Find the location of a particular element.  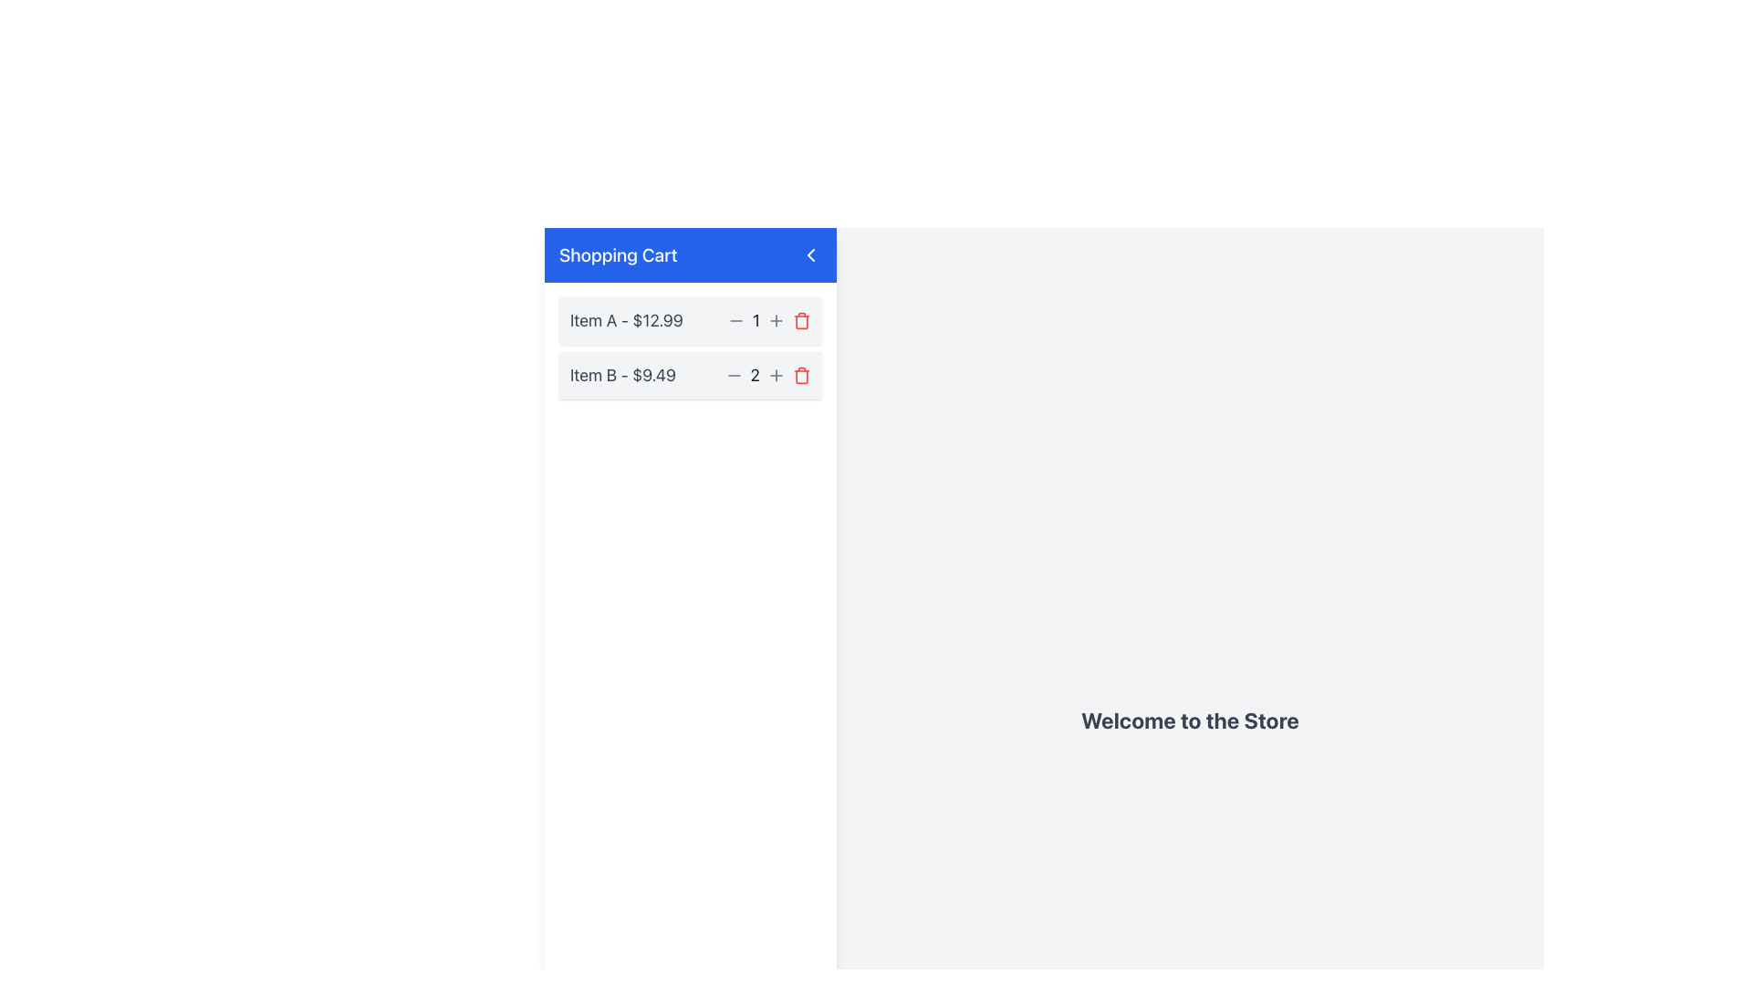

the vertical rectangular trash can icon located near the right edge of the shopping cart item for 'Item B' to initiate a delete action is located at coordinates (801, 375).